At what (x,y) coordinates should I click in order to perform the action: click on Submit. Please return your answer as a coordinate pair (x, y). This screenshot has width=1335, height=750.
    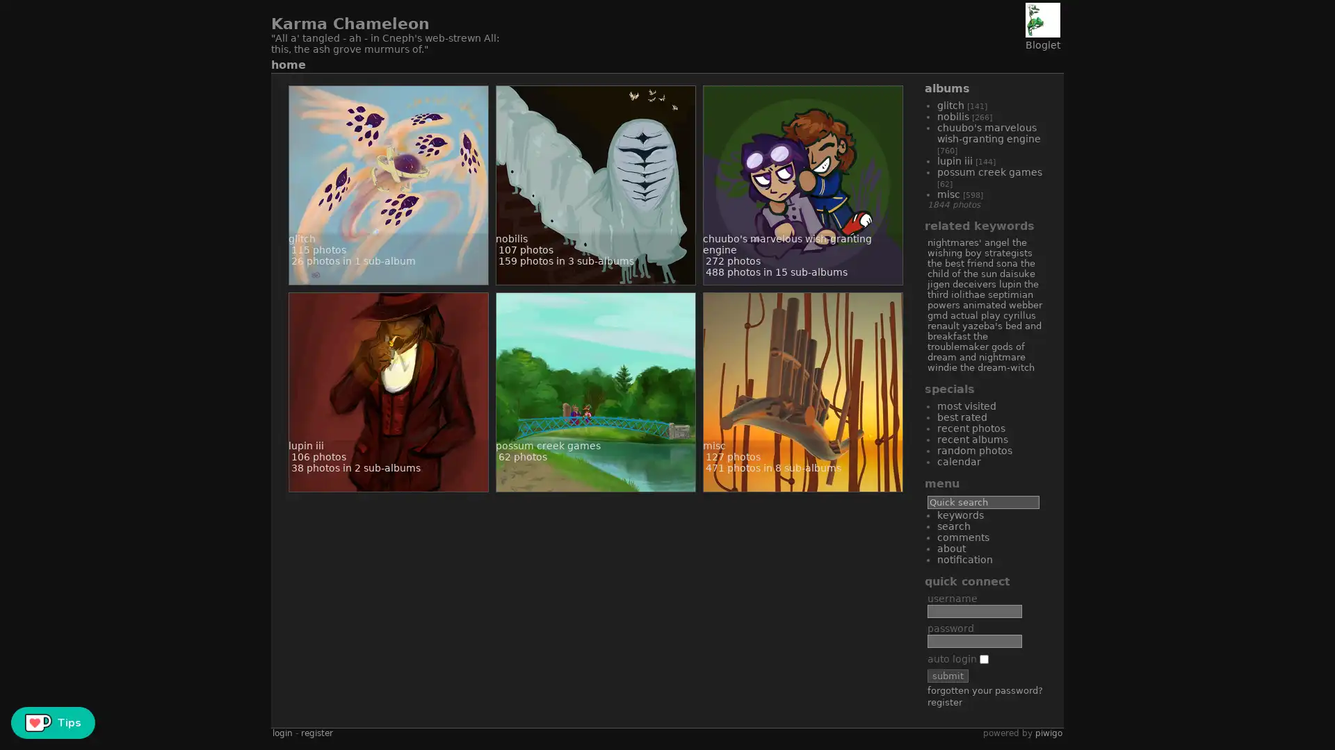
    Looking at the image, I should click on (947, 675).